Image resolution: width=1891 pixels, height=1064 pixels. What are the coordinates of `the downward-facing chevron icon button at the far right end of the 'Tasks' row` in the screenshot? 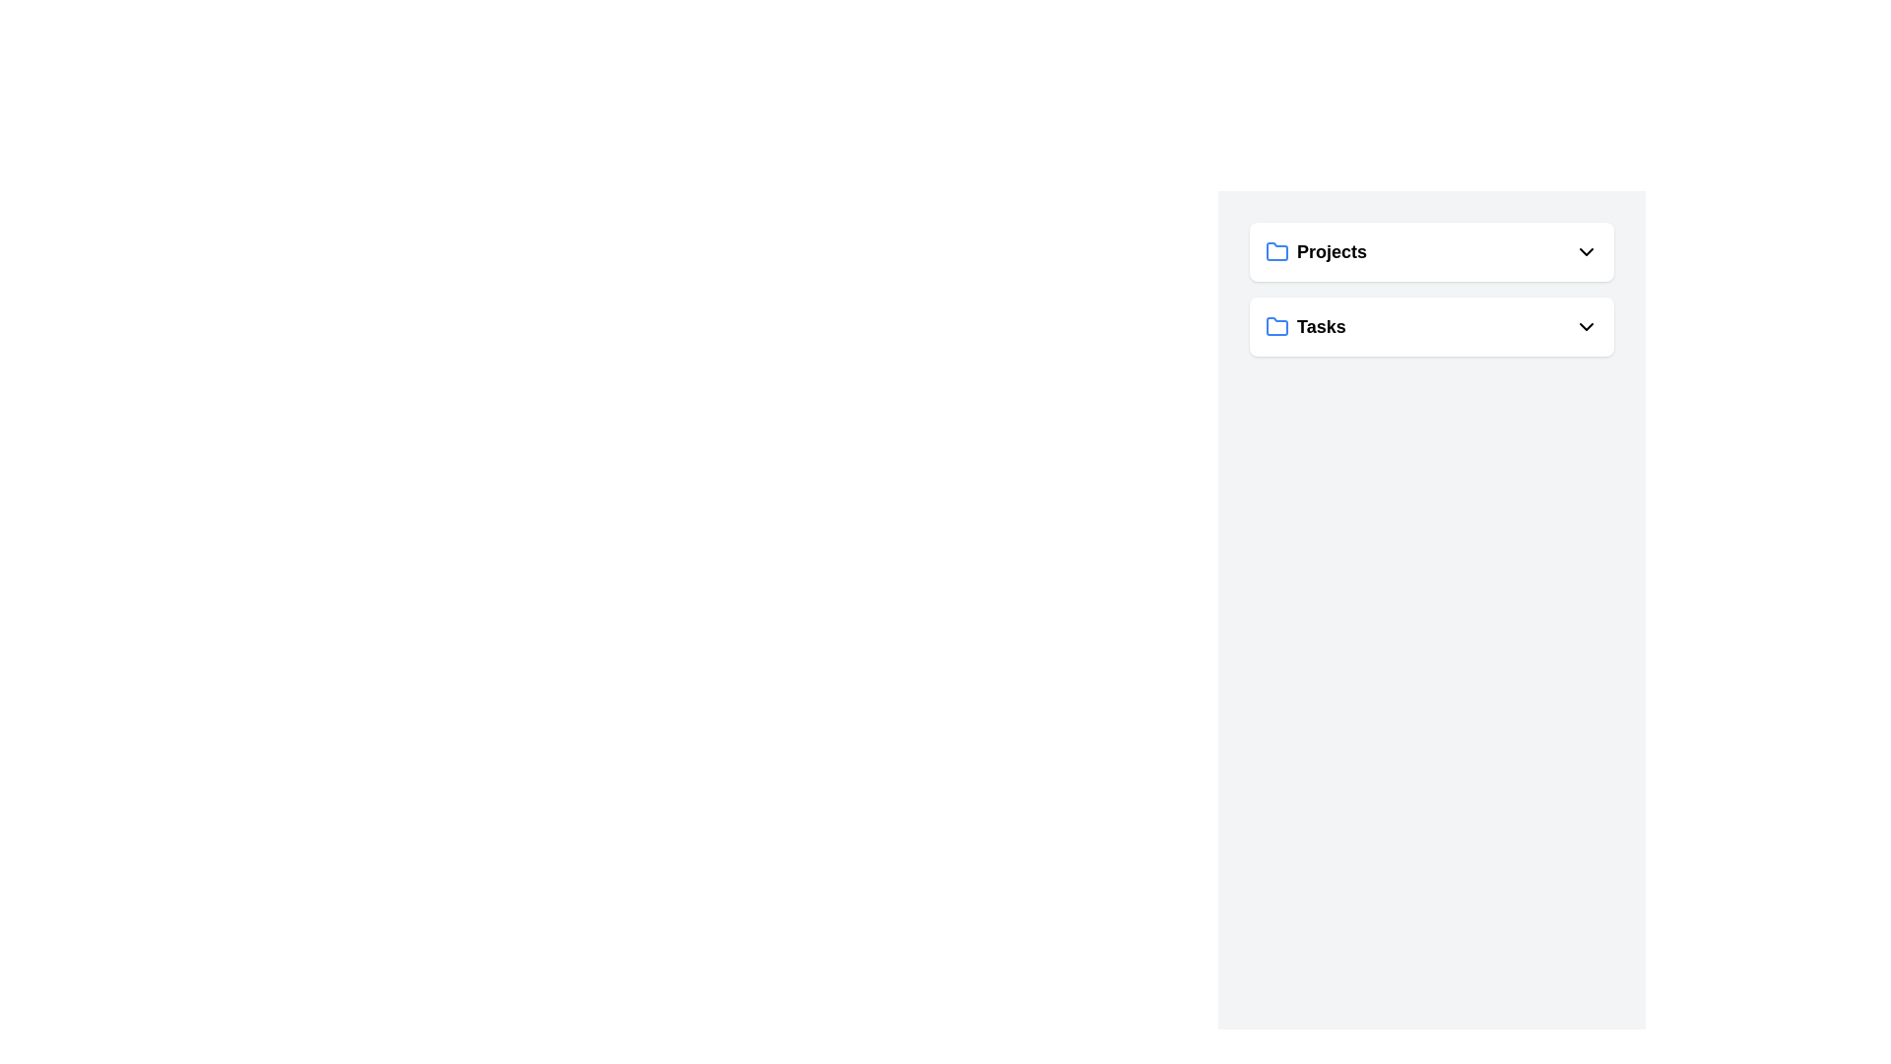 It's located at (1587, 325).